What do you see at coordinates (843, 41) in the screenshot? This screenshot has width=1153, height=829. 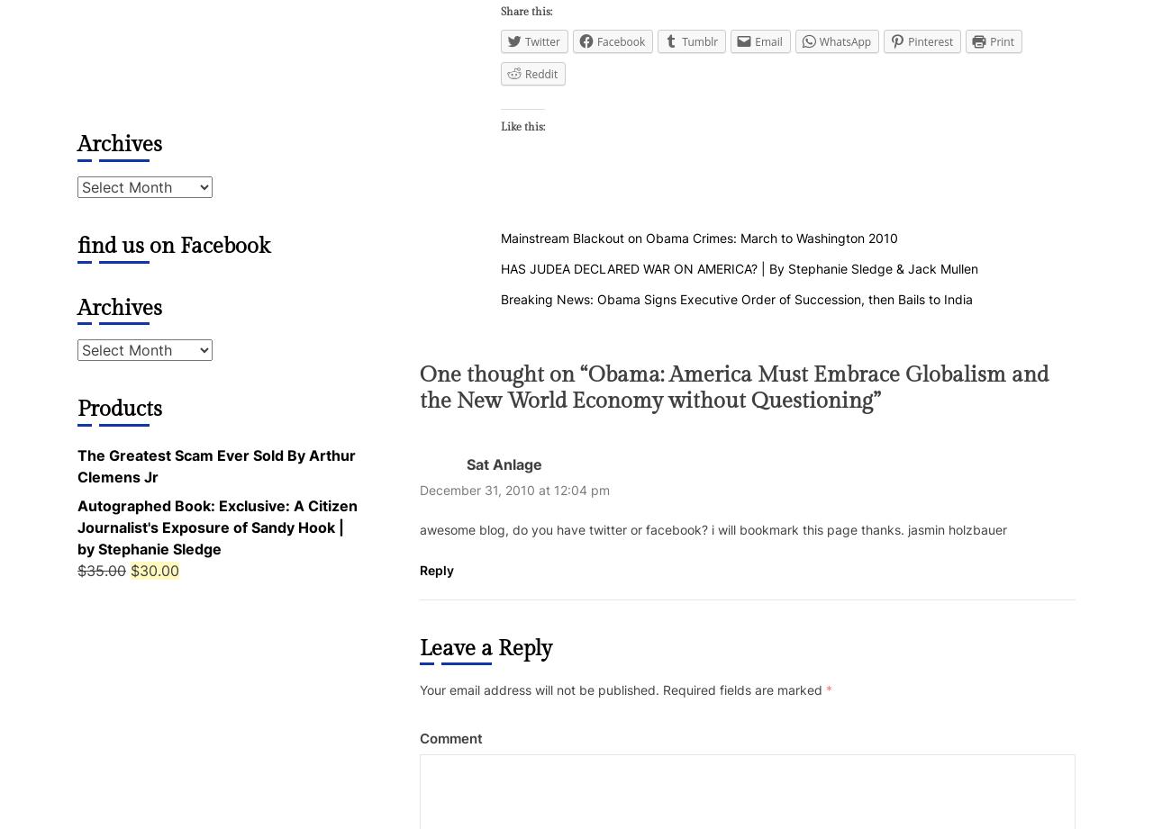 I see `'WhatsApp'` at bounding box center [843, 41].